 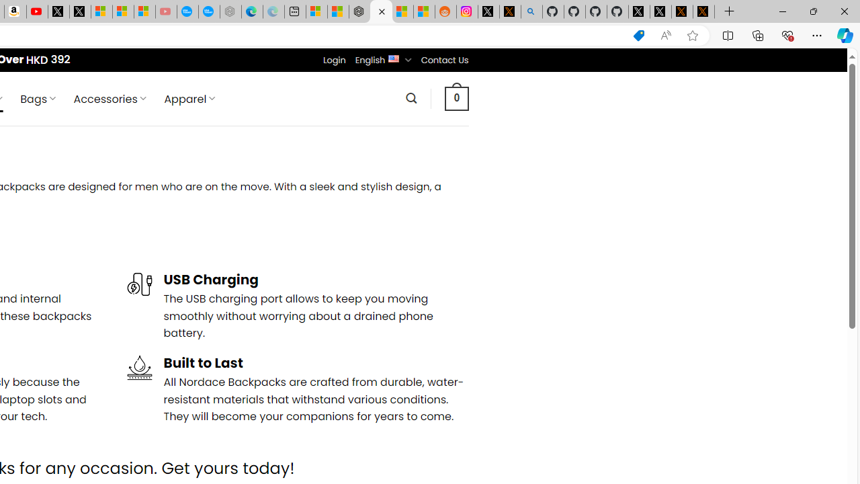 What do you see at coordinates (411, 97) in the screenshot?
I see `'Search'` at bounding box center [411, 97].